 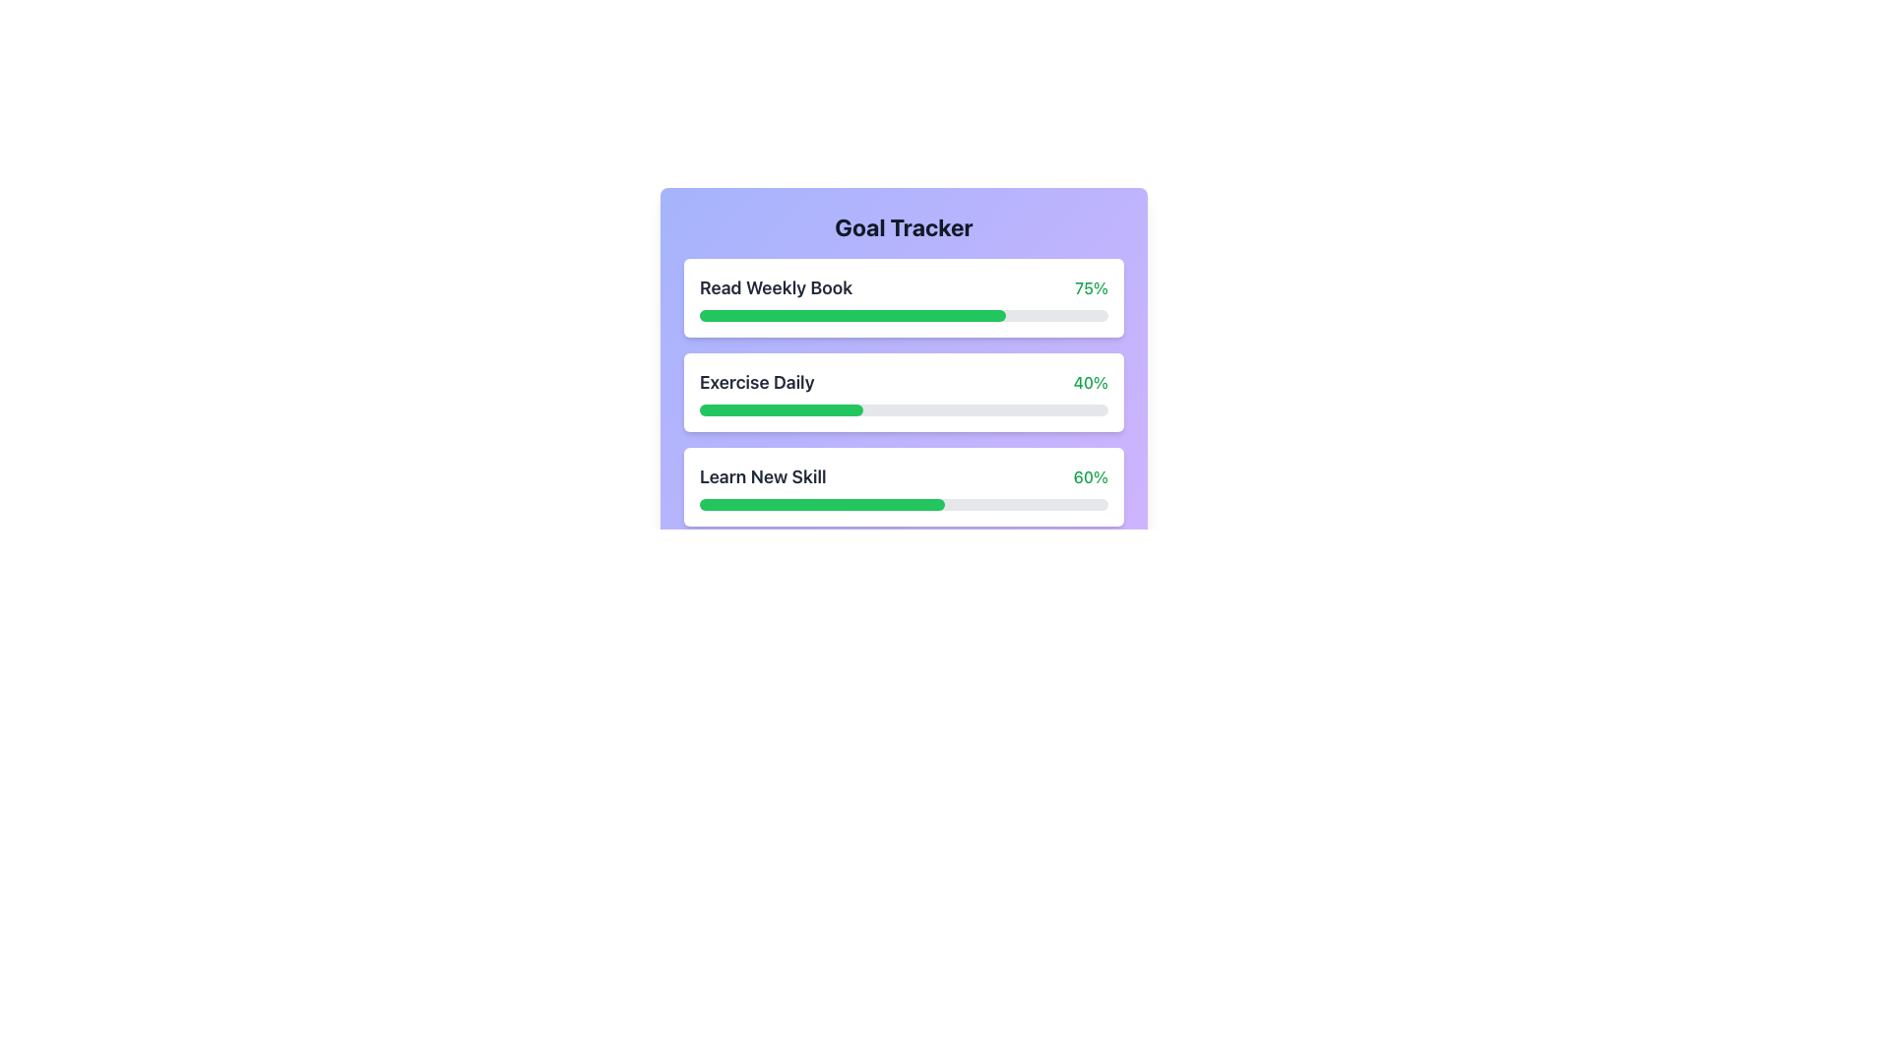 I want to click on the progress bar located below the text 'Read Weekly Book' and to the left of the percentage indicator '75%', styled with a light gray background and rounded edges, so click(x=903, y=314).